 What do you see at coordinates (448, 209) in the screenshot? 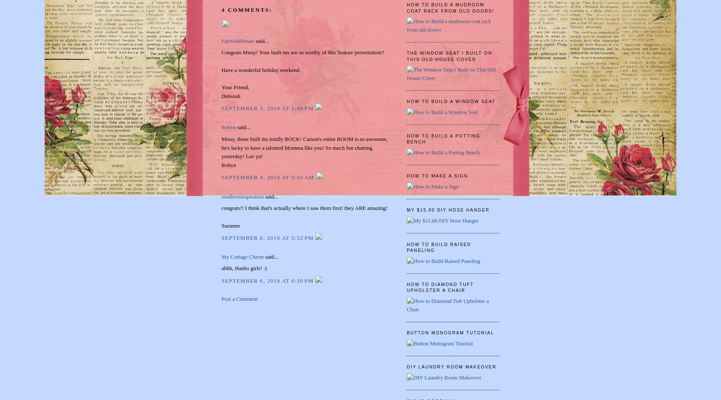
I see `'My $15.00 DIY Hose Hanger'` at bounding box center [448, 209].